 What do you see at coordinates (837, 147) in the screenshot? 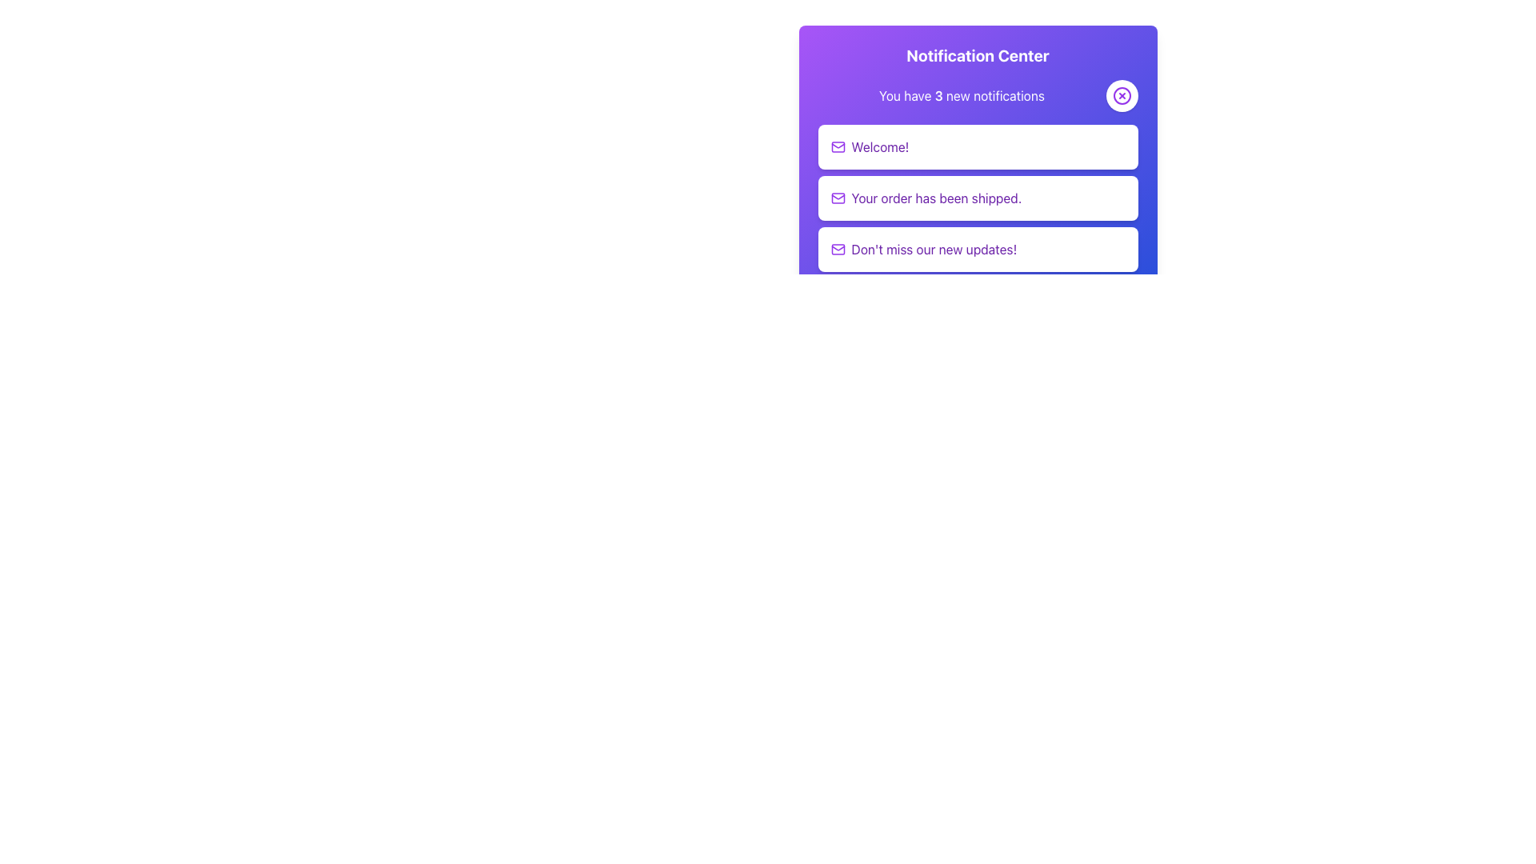
I see `the purple envelope icon located to the left of the 'Welcome!' text within the notification card` at bounding box center [837, 147].